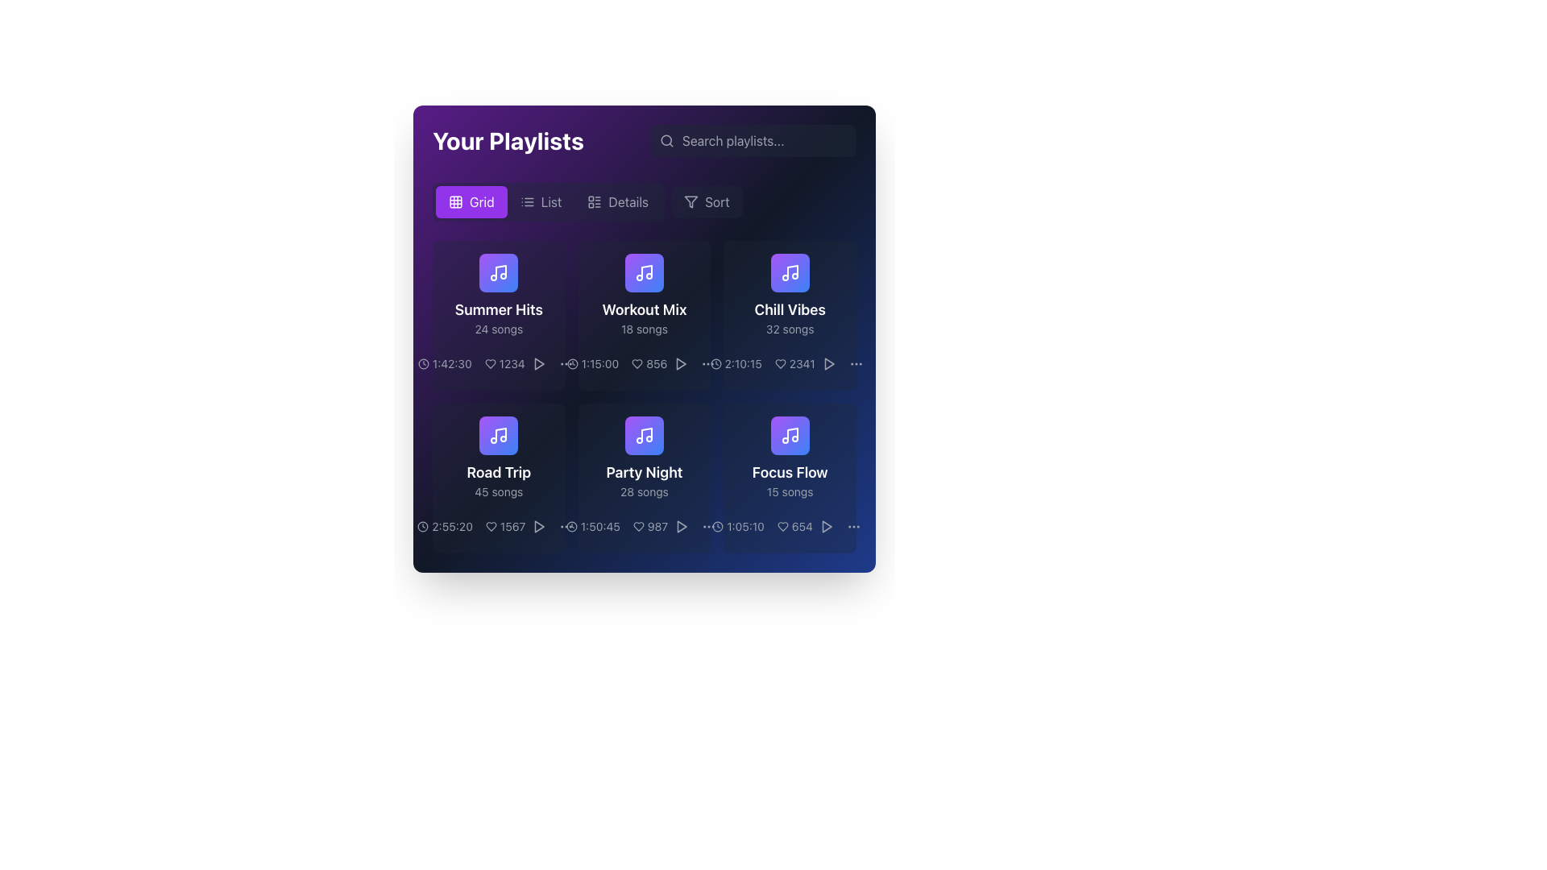  I want to click on the 'filter' icon located within the 'Sort' button area in the top-right section of the interface, which is positioned right after the 'Grid', 'List', and 'Details' buttons, so click(691, 201).